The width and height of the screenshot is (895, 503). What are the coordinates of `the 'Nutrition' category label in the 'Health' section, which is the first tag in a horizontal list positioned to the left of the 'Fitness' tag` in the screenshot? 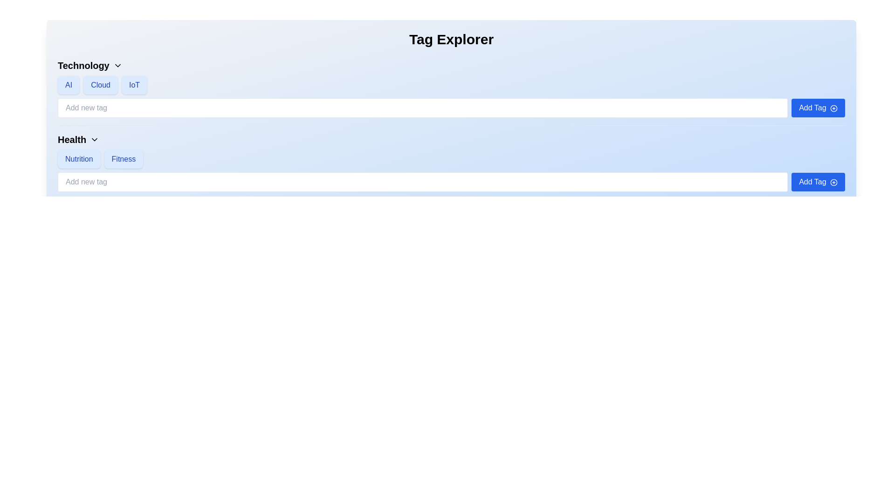 It's located at (79, 159).